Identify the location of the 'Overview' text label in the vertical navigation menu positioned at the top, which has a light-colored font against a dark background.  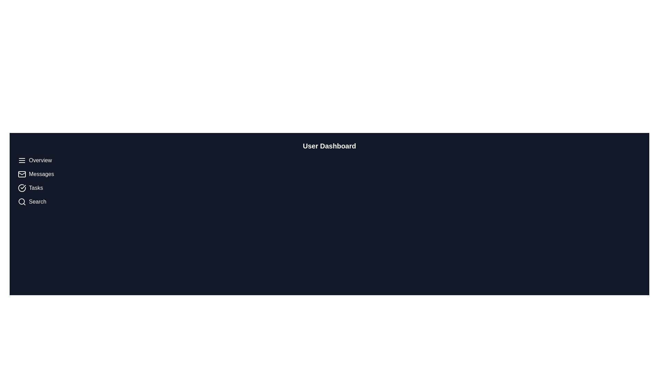
(40, 161).